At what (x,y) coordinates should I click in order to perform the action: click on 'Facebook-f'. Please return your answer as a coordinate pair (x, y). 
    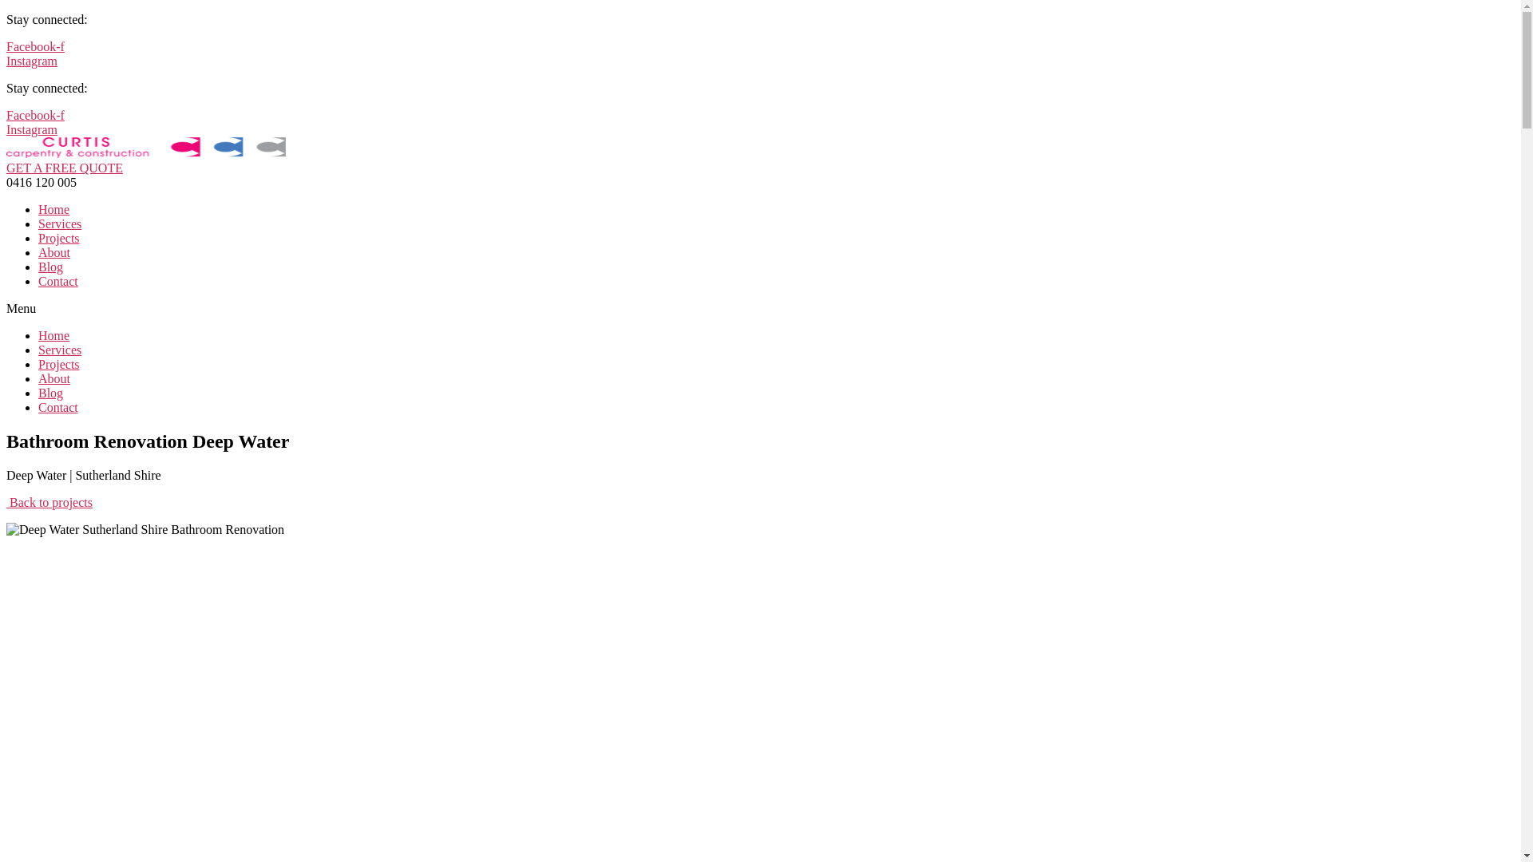
    Looking at the image, I should click on (35, 45).